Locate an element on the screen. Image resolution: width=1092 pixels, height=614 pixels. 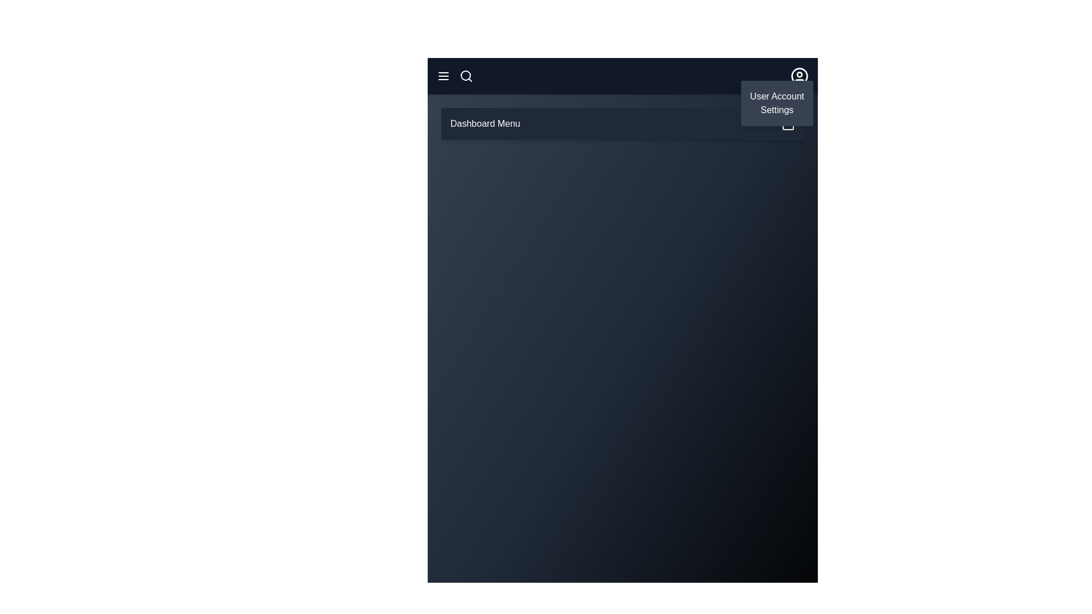
the calendar icon to inspect the calendar functionality is located at coordinates (788, 124).